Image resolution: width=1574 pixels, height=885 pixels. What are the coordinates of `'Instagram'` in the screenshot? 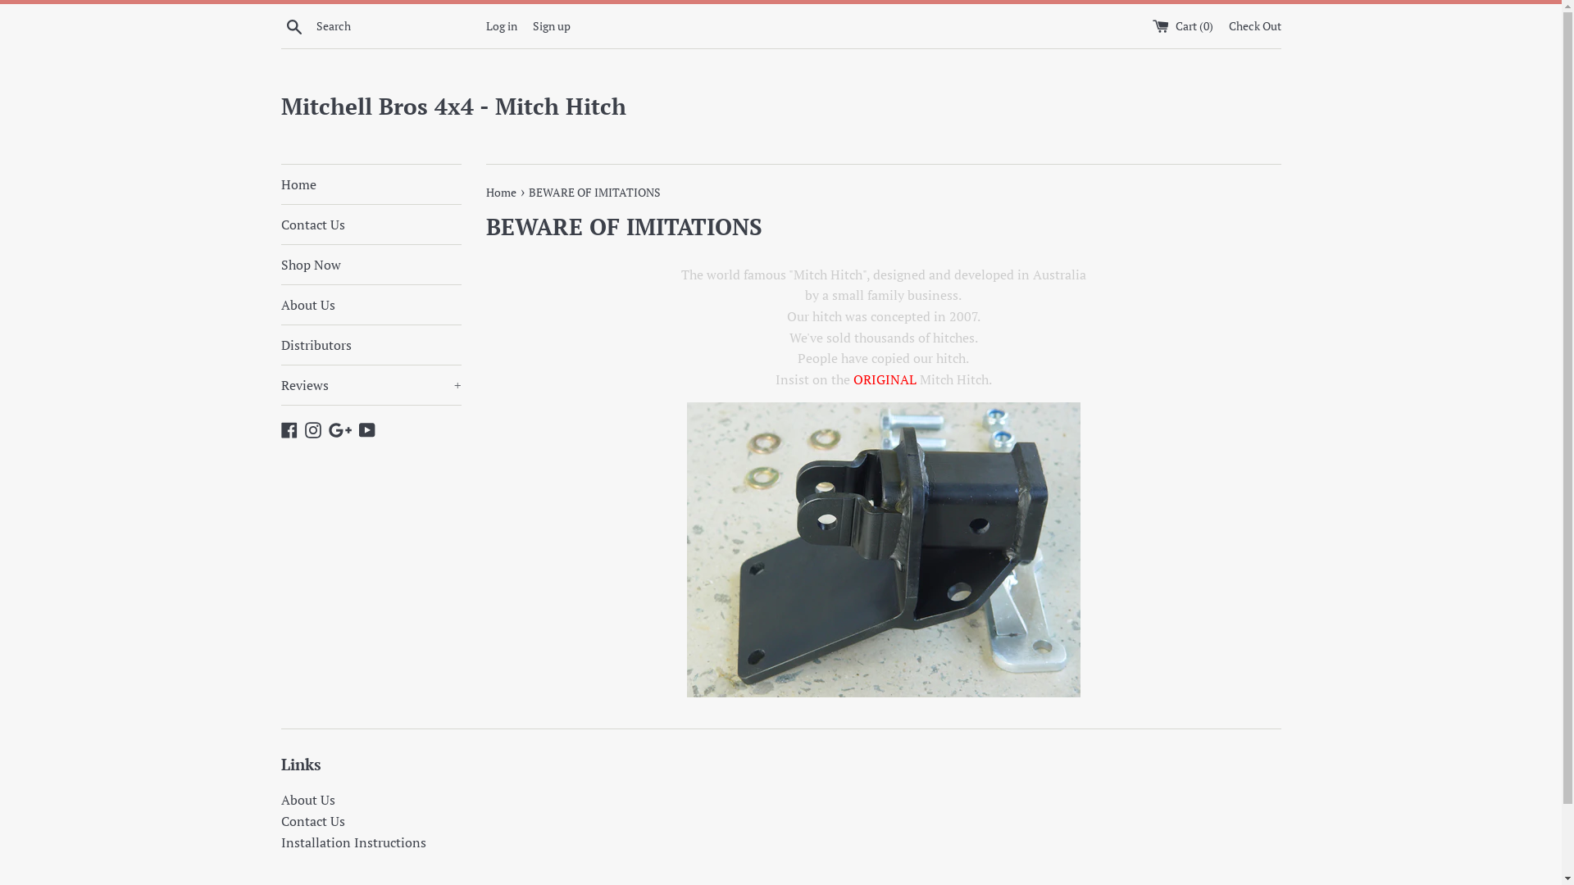 It's located at (313, 428).